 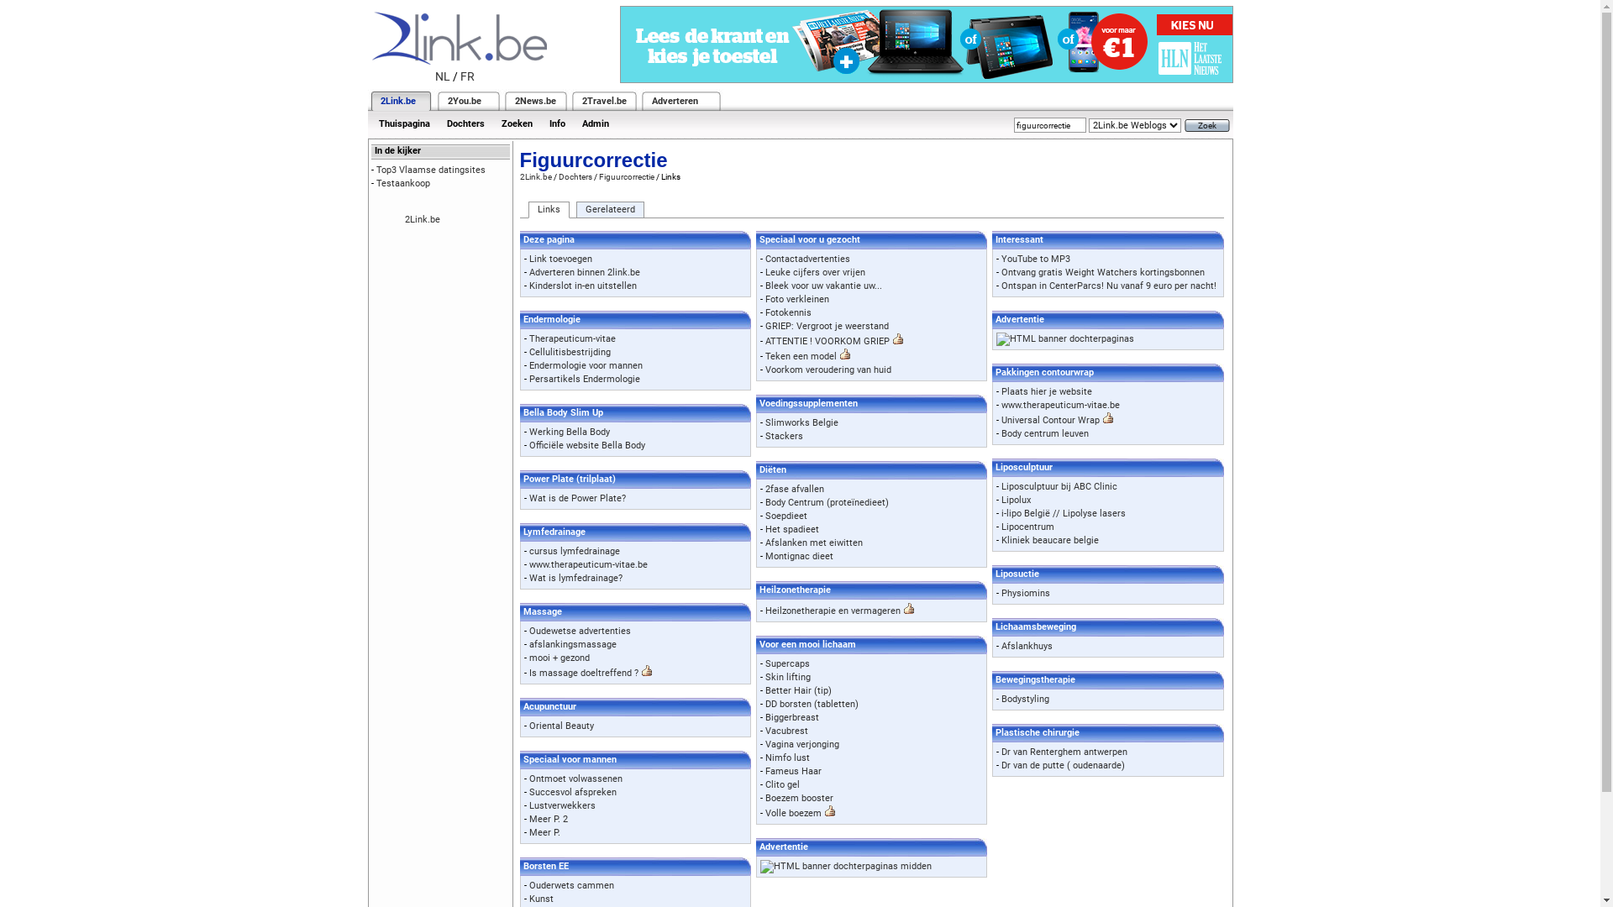 What do you see at coordinates (1206, 124) in the screenshot?
I see `'Zoek'` at bounding box center [1206, 124].